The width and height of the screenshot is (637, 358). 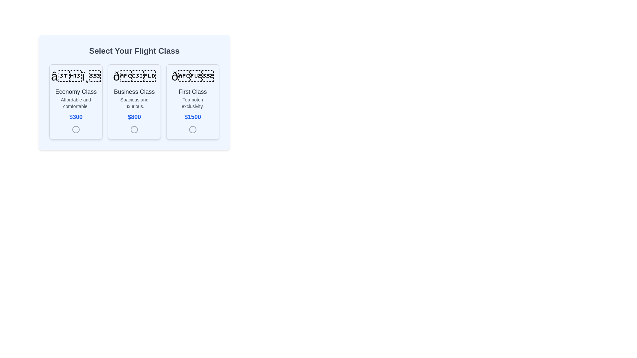 I want to click on the inner SVG circle of the radio button indicating selection status for the 'First Class' option, so click(x=192, y=129).